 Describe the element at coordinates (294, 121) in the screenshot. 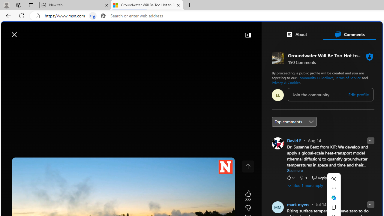

I see `'Sort comments by'` at that location.